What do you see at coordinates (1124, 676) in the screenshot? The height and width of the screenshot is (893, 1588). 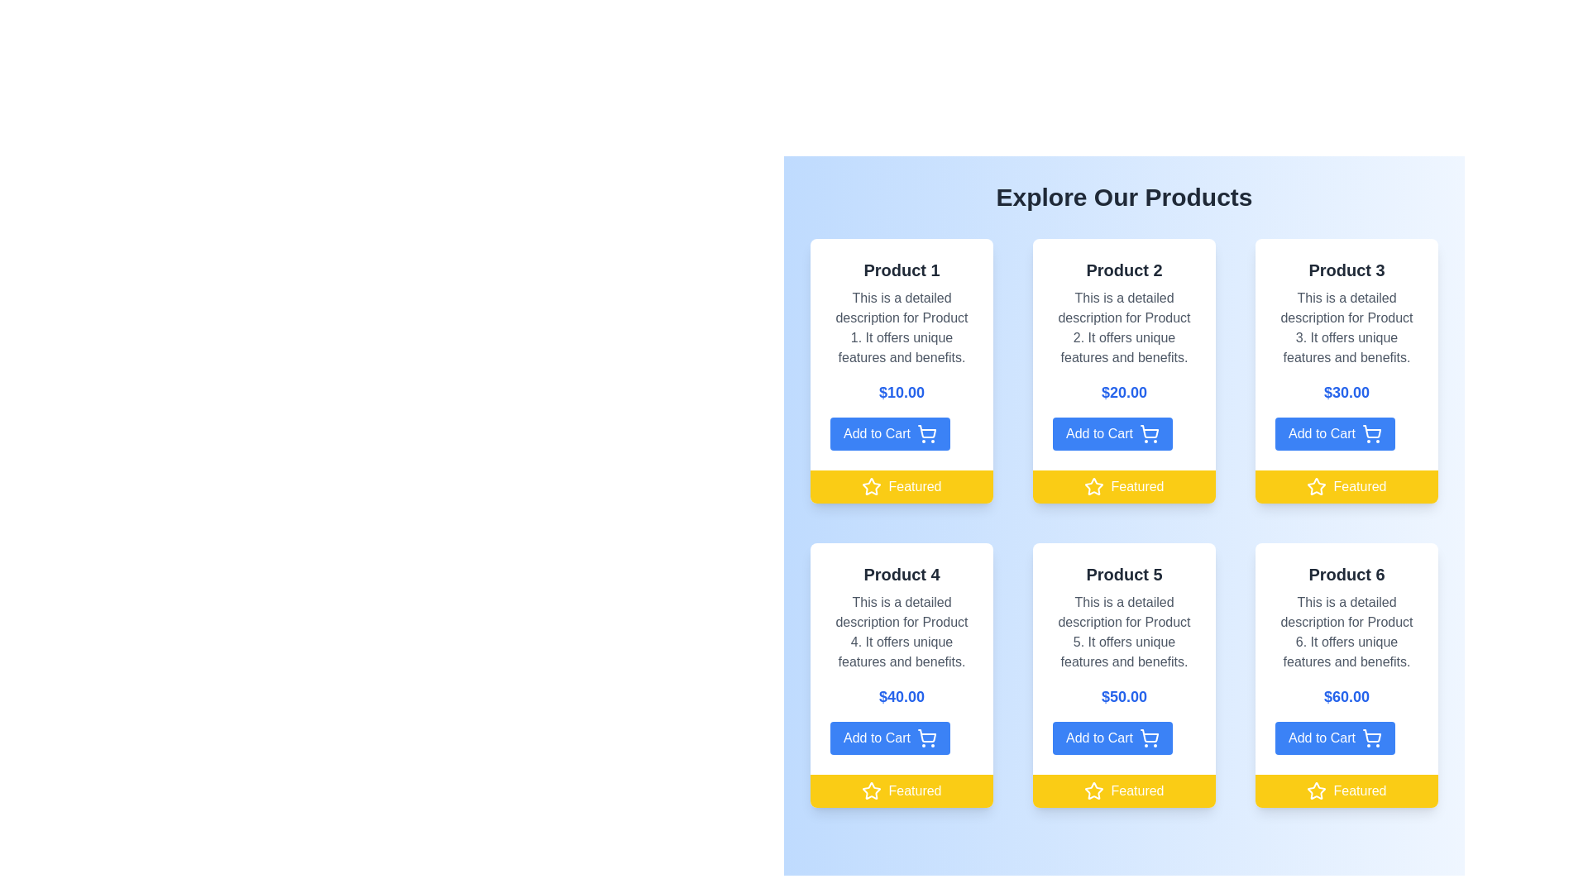 I see `the 'Add to Cart' button on the Product Card for 'Product 5', located in the center of the bottom row of the grid layout` at bounding box center [1124, 676].